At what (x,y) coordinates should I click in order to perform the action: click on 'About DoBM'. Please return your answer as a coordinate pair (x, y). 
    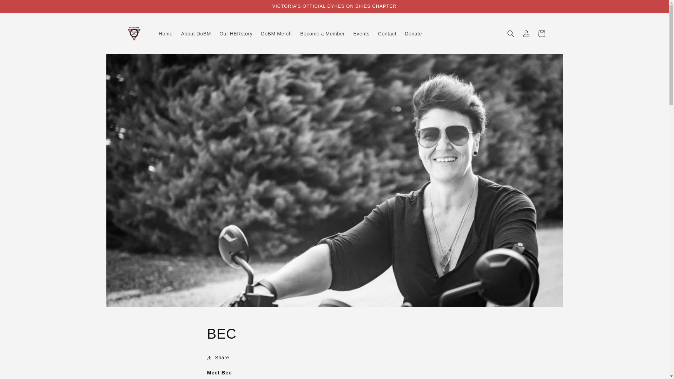
    Looking at the image, I should click on (196, 34).